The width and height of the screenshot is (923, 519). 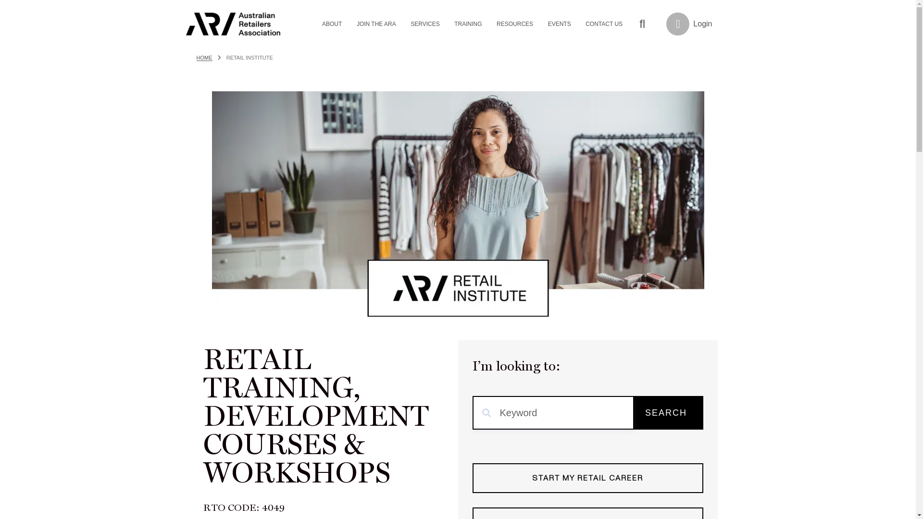 I want to click on 'START MY RETAIL CAREER', so click(x=587, y=478).